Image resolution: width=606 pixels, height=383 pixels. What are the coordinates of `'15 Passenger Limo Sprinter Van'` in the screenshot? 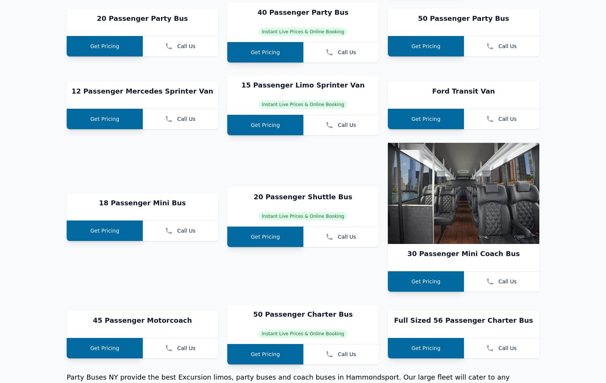 It's located at (303, 186).